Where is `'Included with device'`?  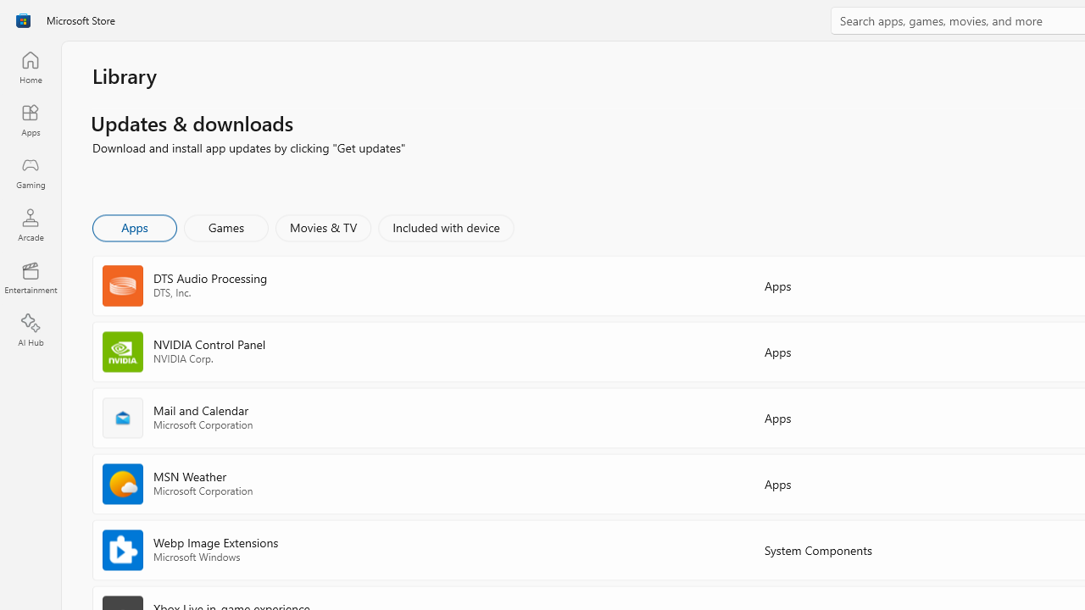
'Included with device' is located at coordinates (445, 226).